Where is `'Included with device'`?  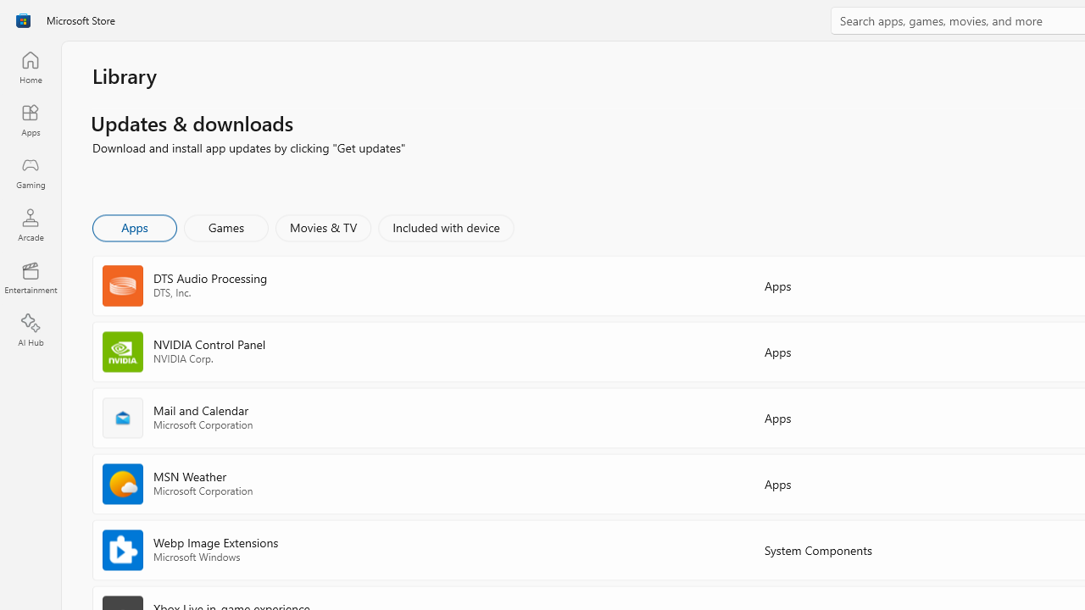
'Included with device' is located at coordinates (445, 226).